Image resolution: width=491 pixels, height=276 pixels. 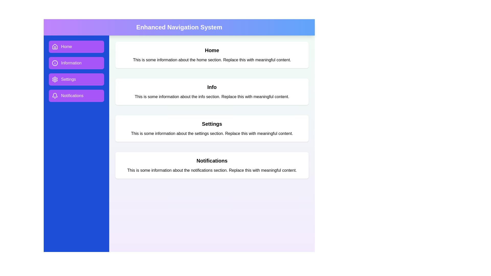 What do you see at coordinates (55, 79) in the screenshot?
I see `the 'Settings' icon located within the third item of the vertical navigation menu for accessibility purposes` at bounding box center [55, 79].